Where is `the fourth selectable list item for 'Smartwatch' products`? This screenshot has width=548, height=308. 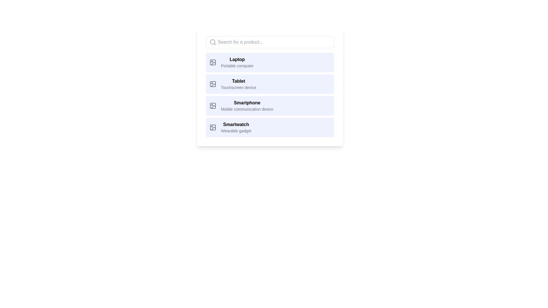
the fourth selectable list item for 'Smartwatch' products is located at coordinates (269, 127).